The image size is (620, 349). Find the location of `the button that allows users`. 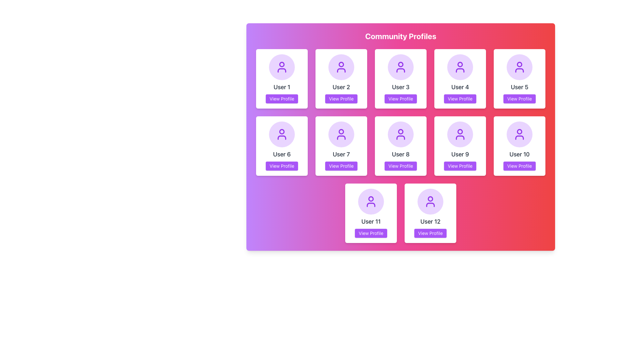

the button that allows users is located at coordinates (519, 99).